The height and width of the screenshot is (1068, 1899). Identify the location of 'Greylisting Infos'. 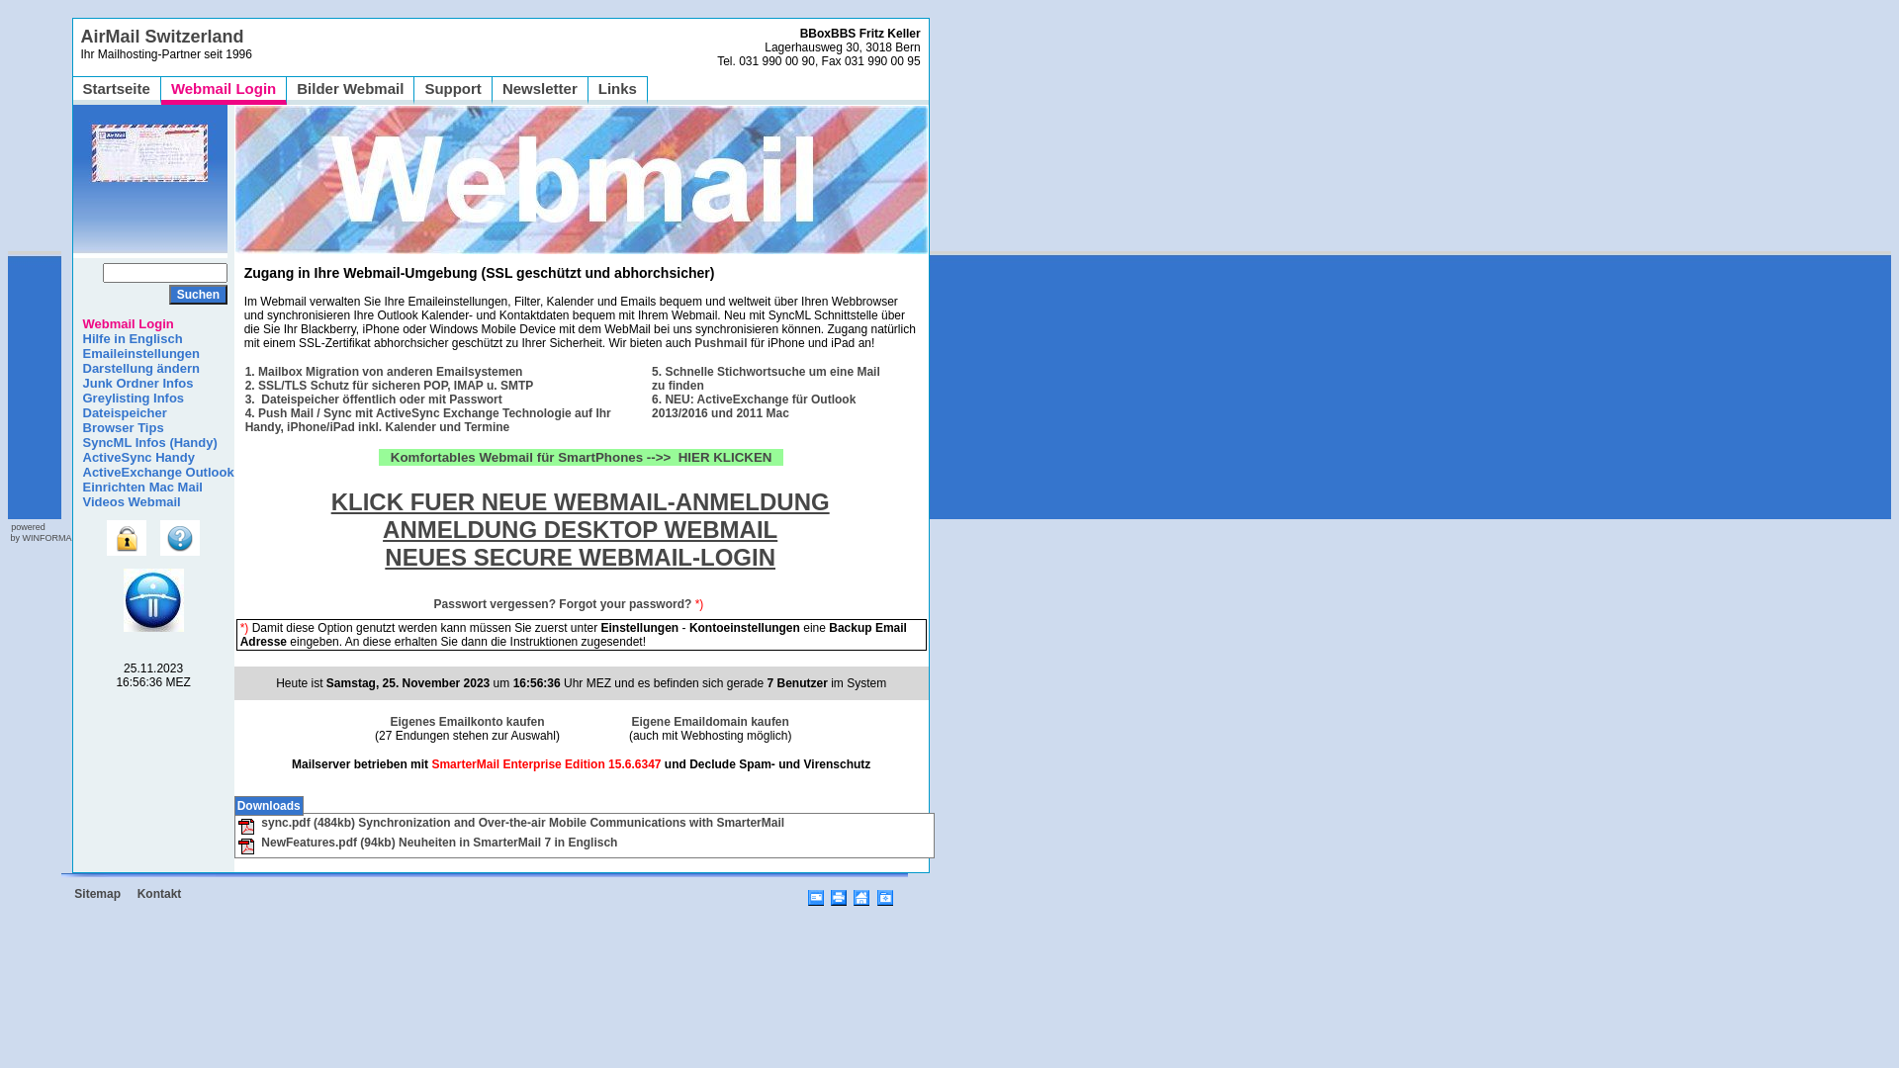
(128, 398).